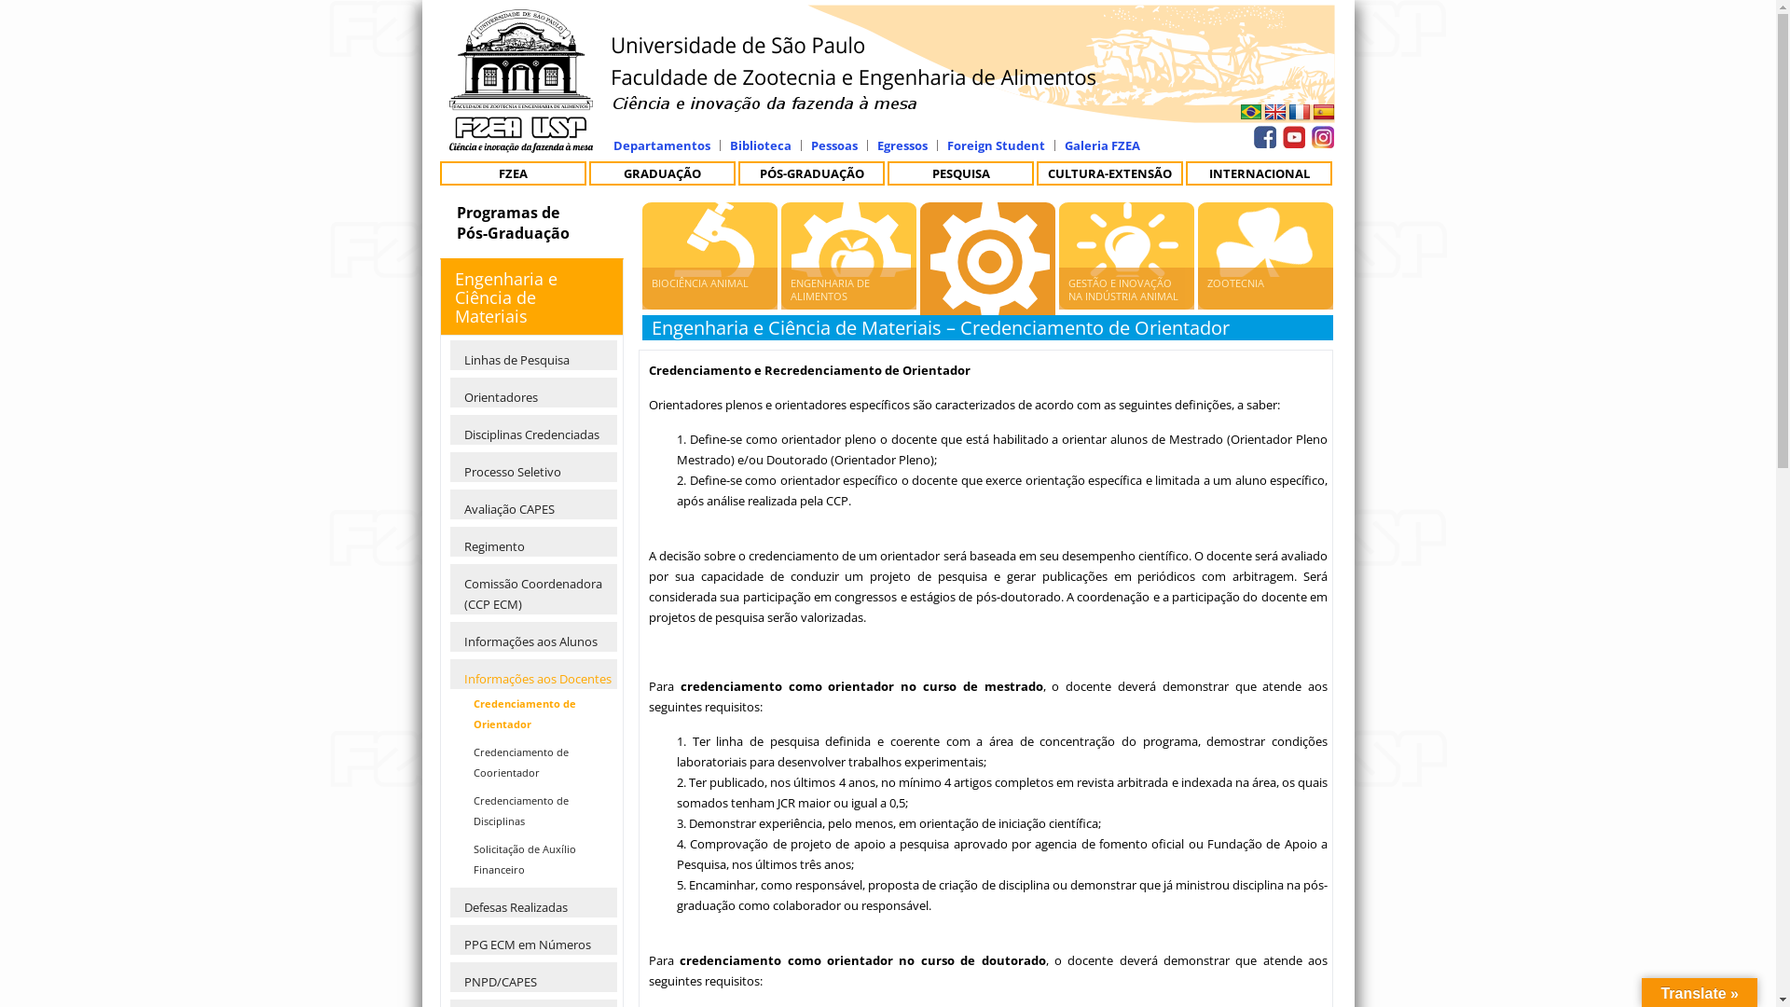 The height and width of the screenshot is (1007, 1790). I want to click on 'Spanish', so click(1323, 111).